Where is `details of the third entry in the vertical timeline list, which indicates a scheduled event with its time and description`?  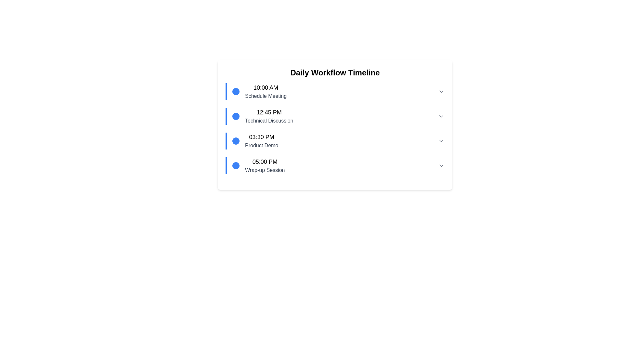
details of the third entry in the vertical timeline list, which indicates a scheduled event with its time and description is located at coordinates (255, 141).